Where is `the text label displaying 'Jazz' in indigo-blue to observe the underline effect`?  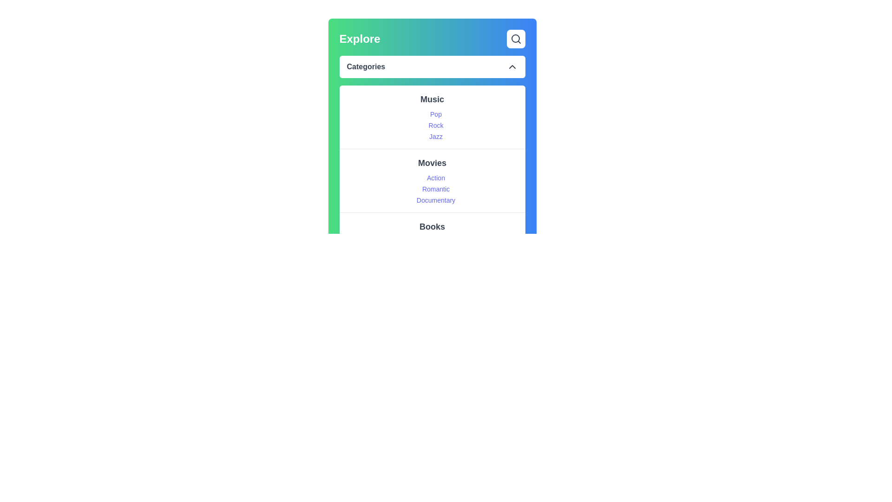 the text label displaying 'Jazz' in indigo-blue to observe the underline effect is located at coordinates (435, 136).